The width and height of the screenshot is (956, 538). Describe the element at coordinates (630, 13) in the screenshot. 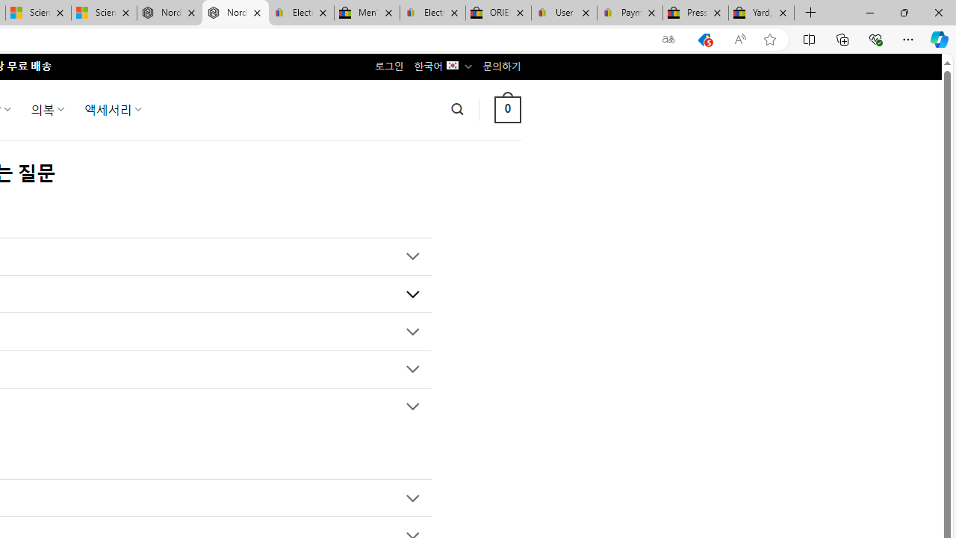

I see `'Payments Terms of Use | eBay.com'` at that location.